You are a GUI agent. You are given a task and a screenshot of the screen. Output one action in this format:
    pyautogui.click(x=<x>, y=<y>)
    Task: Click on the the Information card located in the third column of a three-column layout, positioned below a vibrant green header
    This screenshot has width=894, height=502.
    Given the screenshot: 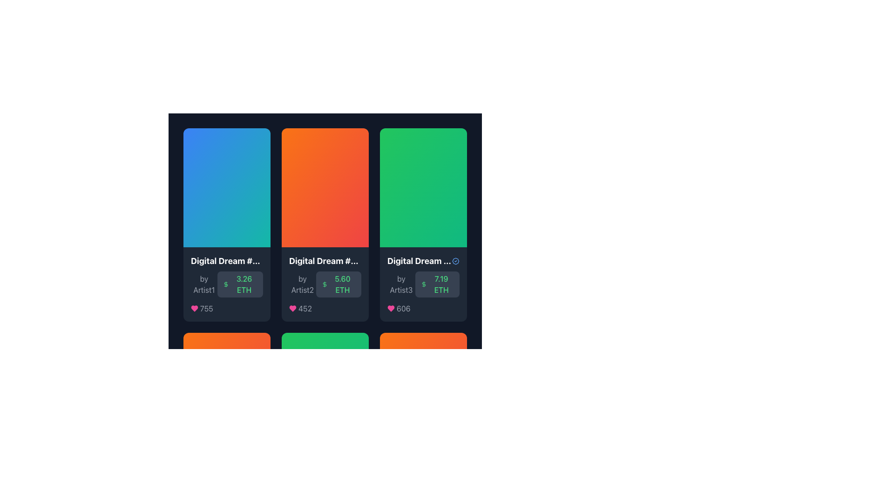 What is the action you would take?
    pyautogui.click(x=423, y=284)
    